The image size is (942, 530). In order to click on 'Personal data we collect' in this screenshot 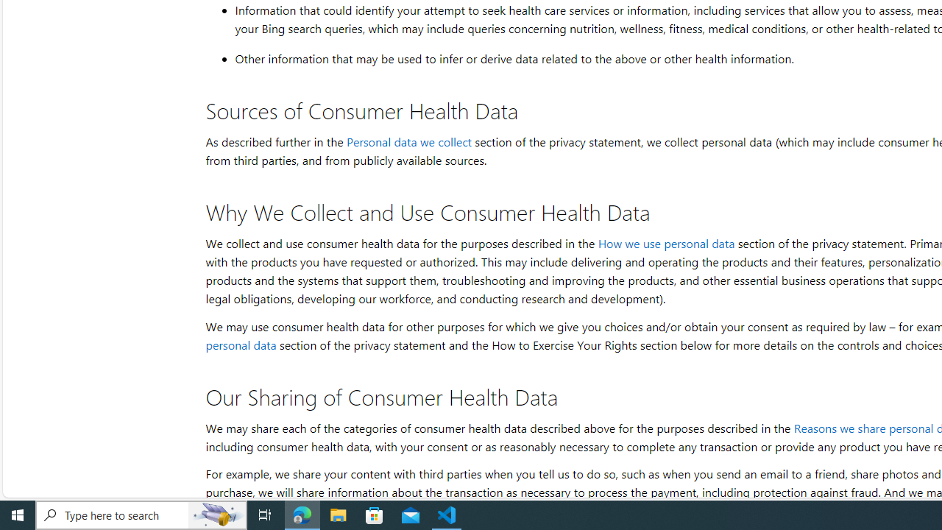, I will do `click(408, 141)`.